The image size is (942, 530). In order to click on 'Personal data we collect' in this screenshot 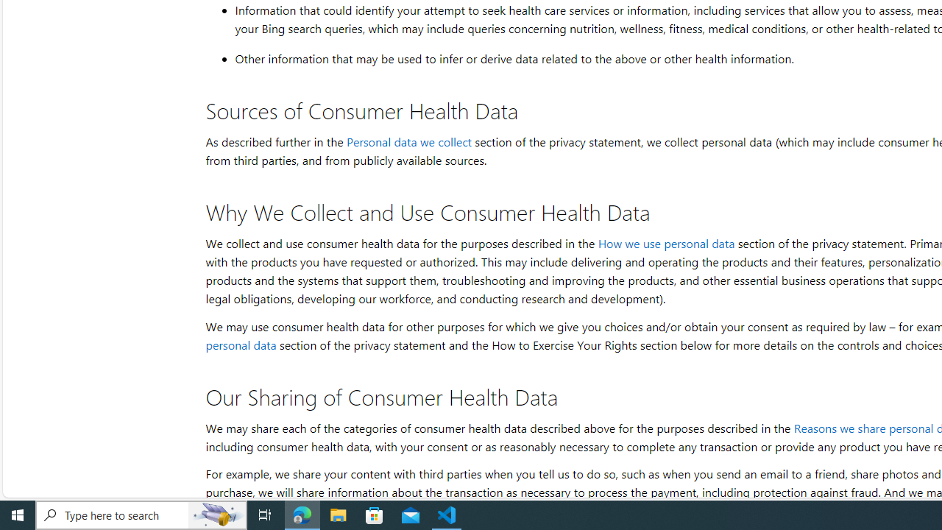, I will do `click(408, 141)`.